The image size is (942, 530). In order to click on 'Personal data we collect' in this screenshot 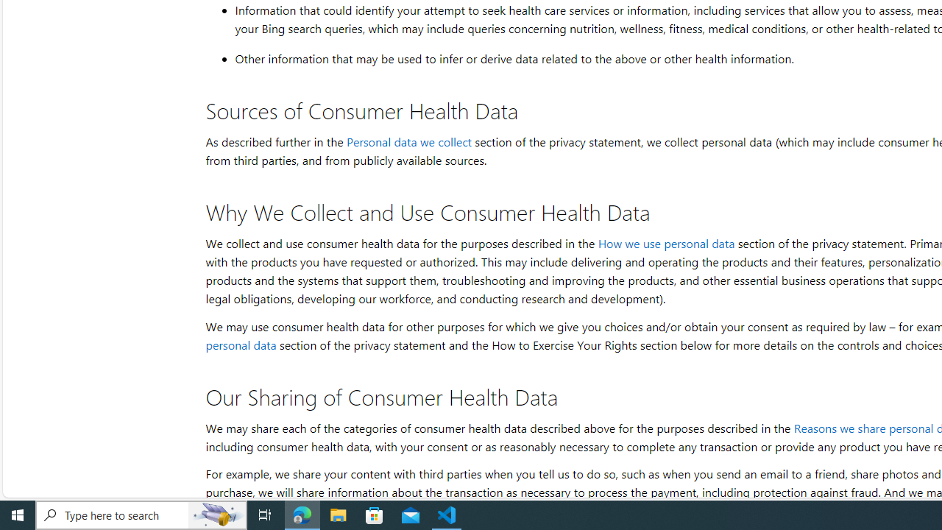, I will do `click(408, 141)`.